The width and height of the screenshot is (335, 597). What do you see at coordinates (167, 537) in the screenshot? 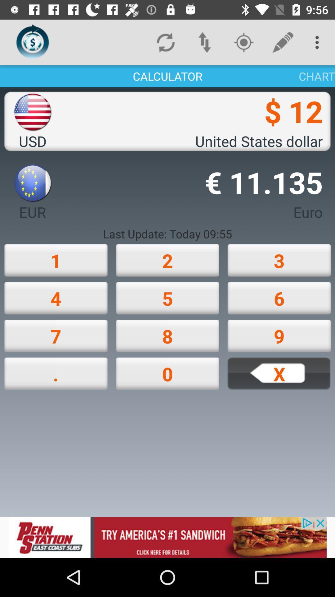
I see `the advertisement` at bounding box center [167, 537].